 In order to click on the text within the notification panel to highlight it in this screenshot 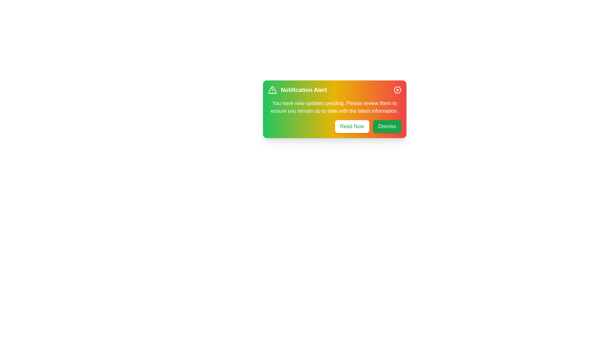, I will do `click(334, 107)`.